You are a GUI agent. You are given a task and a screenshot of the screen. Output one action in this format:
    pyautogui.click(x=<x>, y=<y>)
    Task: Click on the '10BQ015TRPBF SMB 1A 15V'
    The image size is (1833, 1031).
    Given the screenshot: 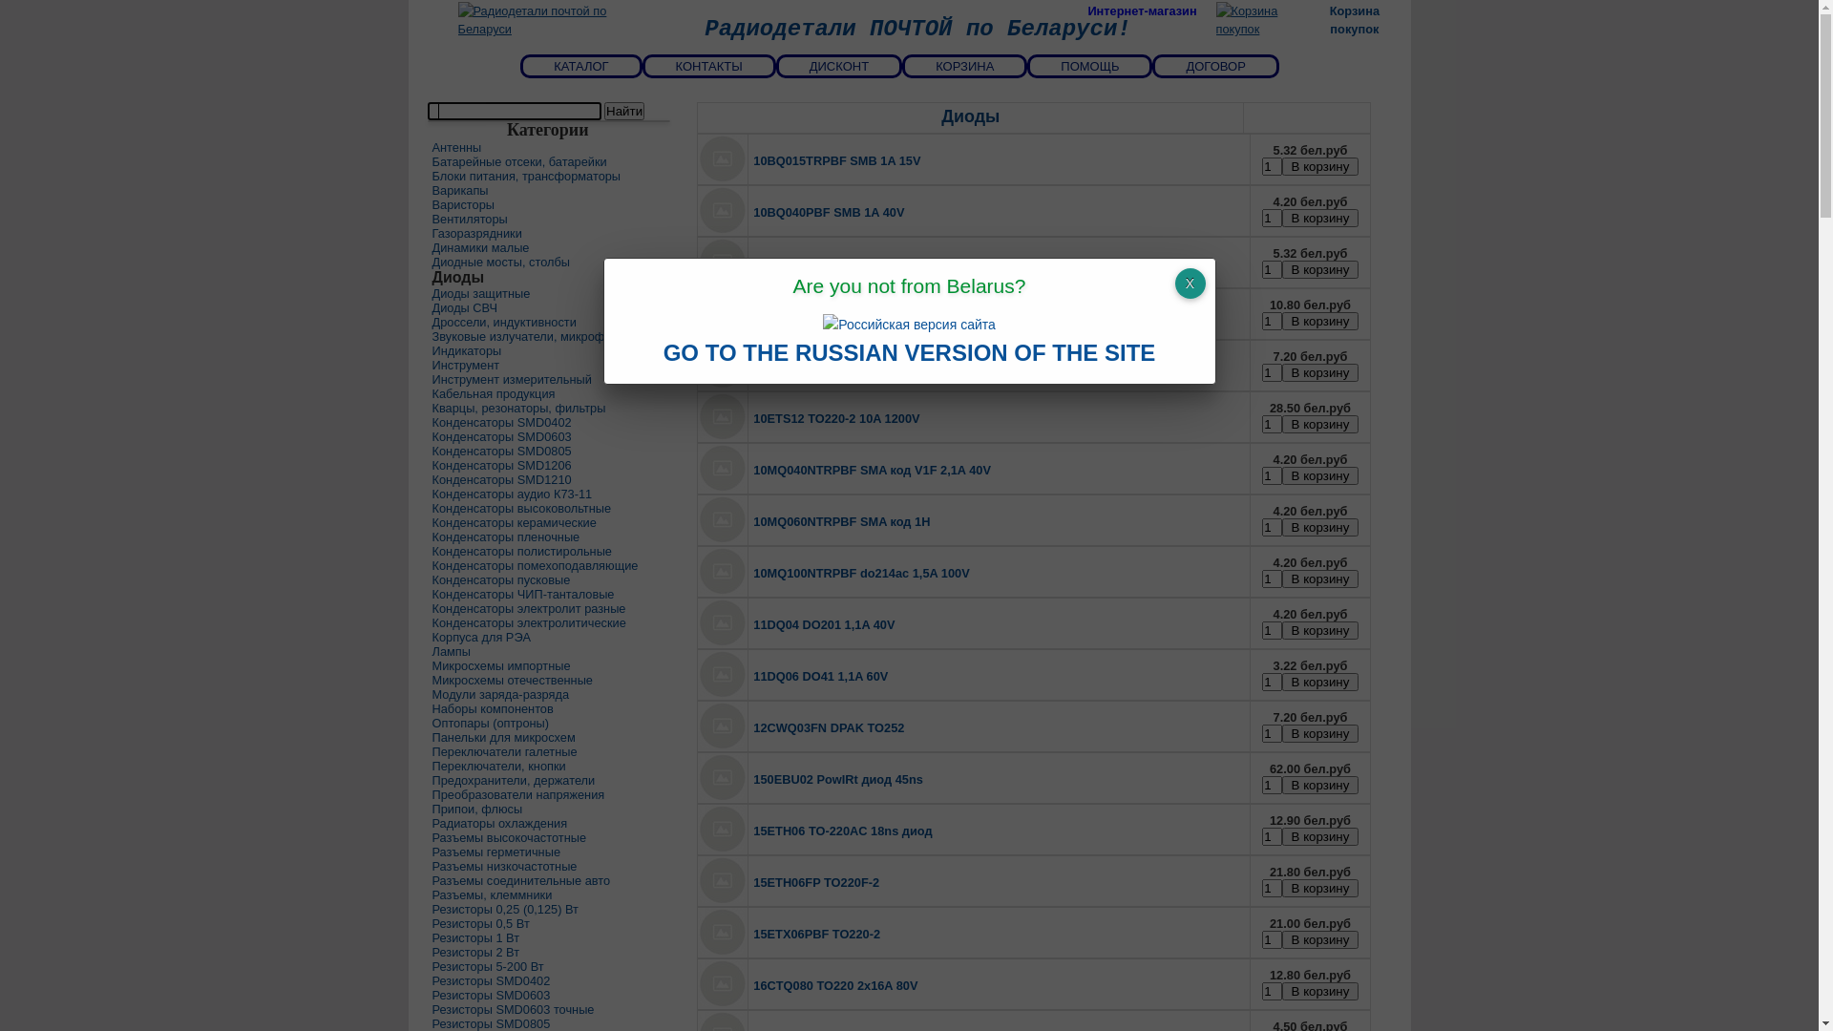 What is the action you would take?
    pyautogui.click(x=836, y=159)
    